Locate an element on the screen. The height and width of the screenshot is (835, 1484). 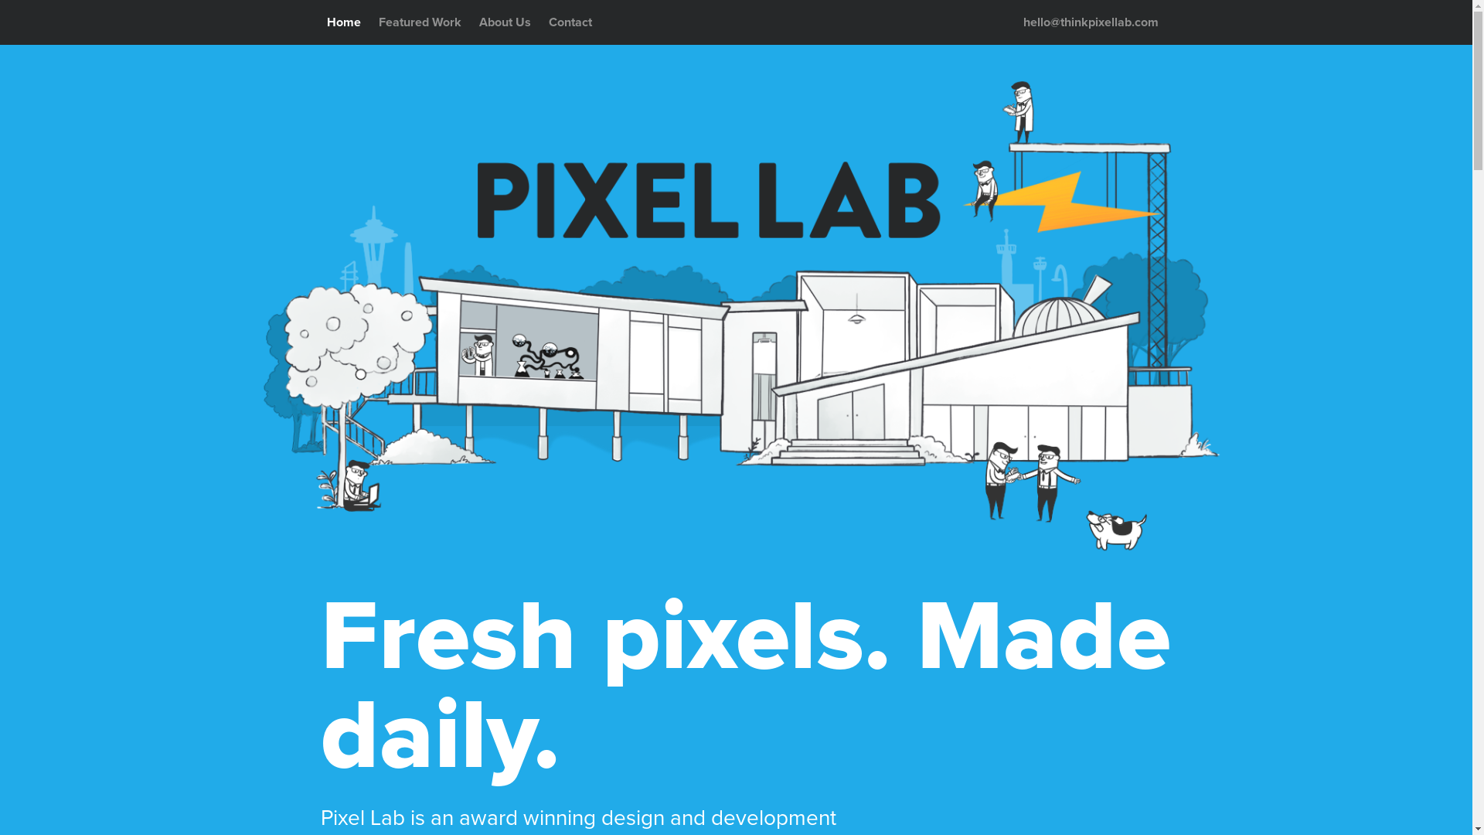
'Contact' is located at coordinates (570, 22).